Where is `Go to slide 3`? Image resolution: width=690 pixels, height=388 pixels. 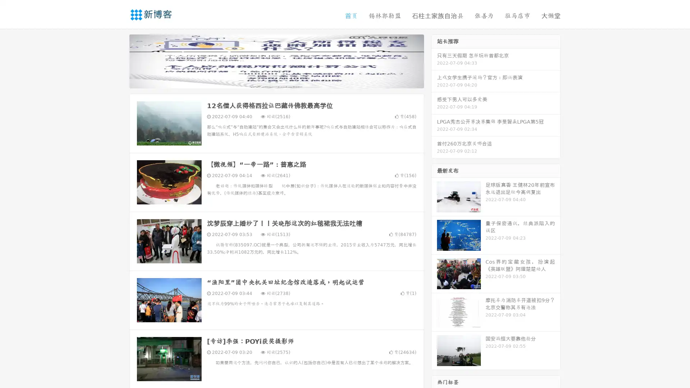
Go to slide 3 is located at coordinates (284, 81).